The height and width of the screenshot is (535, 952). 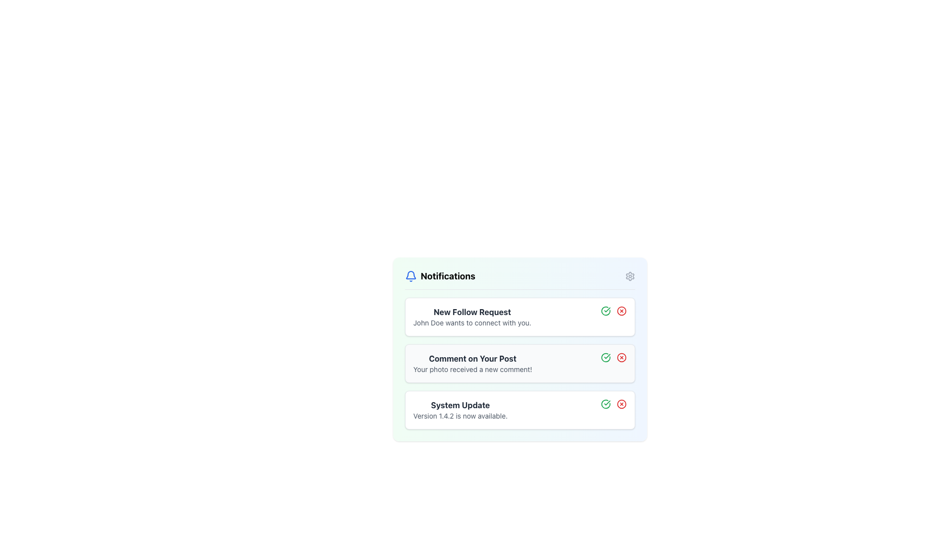 What do you see at coordinates (629, 276) in the screenshot?
I see `the gear/settings icon located at the upper right corner of the notification panel` at bounding box center [629, 276].